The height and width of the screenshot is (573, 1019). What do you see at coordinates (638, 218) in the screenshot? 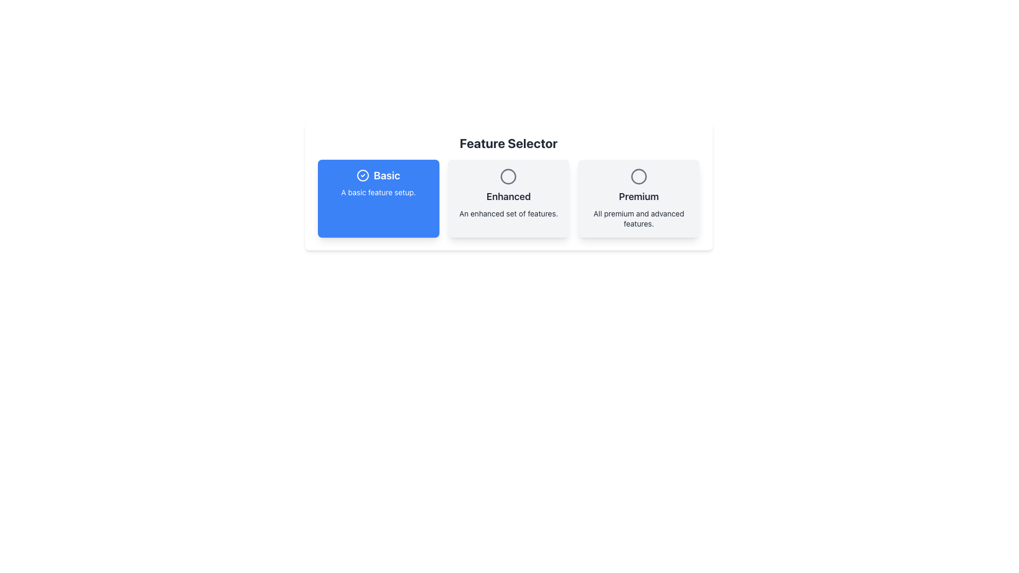
I see `text label reading 'All premium and advanced features.' located in the third card labeled 'Premium' for informational purposes` at bounding box center [638, 218].